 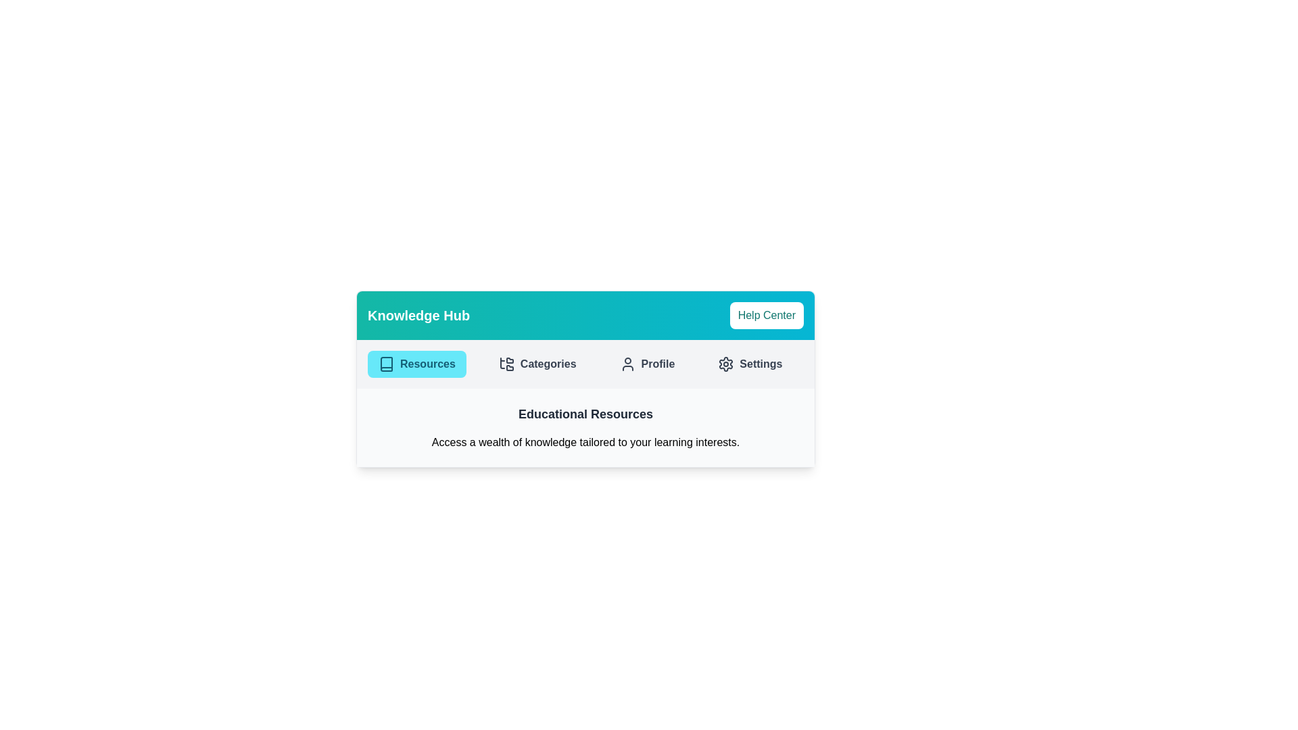 What do you see at coordinates (585, 414) in the screenshot?
I see `the 'Educational Resources' text label, which is a prominent heading displayed in bold dark gray font, positioned centrally above additional descriptive text and below the 'Knowledge Hub' navigation bar` at bounding box center [585, 414].